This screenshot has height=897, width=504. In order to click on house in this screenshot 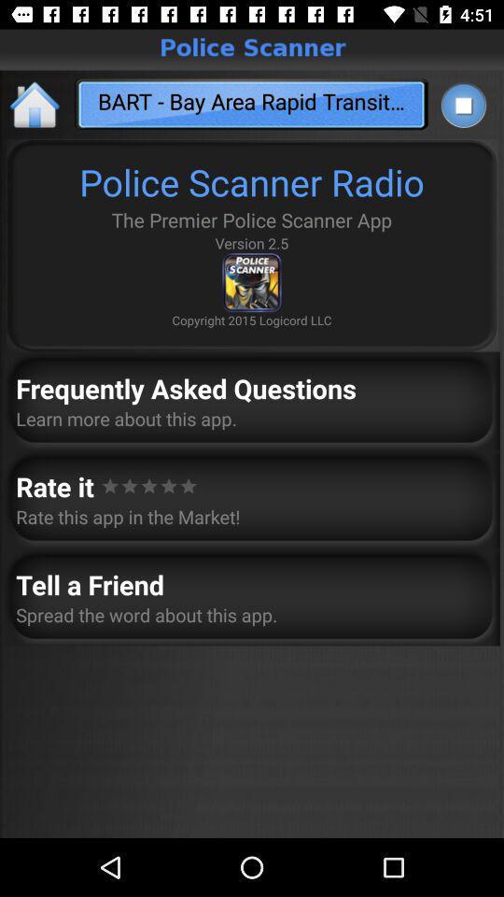, I will do `click(35, 104)`.